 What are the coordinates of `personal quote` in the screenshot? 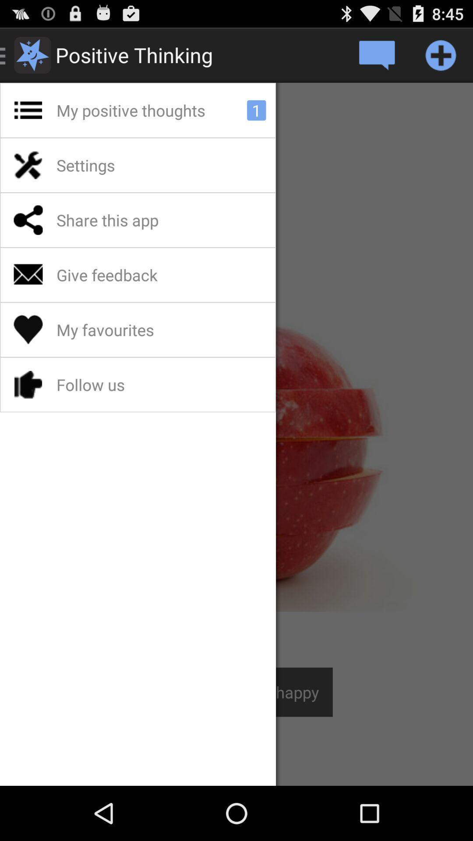 It's located at (376, 54).